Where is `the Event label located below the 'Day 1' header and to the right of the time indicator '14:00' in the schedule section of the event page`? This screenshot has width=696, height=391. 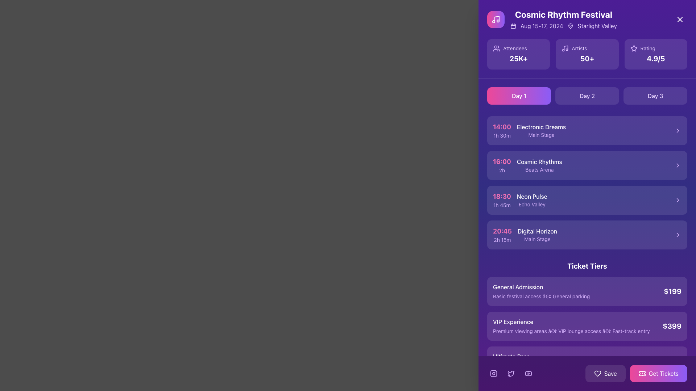 the Event label located below the 'Day 1' header and to the right of the time indicator '14:00' in the schedule section of the event page is located at coordinates (541, 131).